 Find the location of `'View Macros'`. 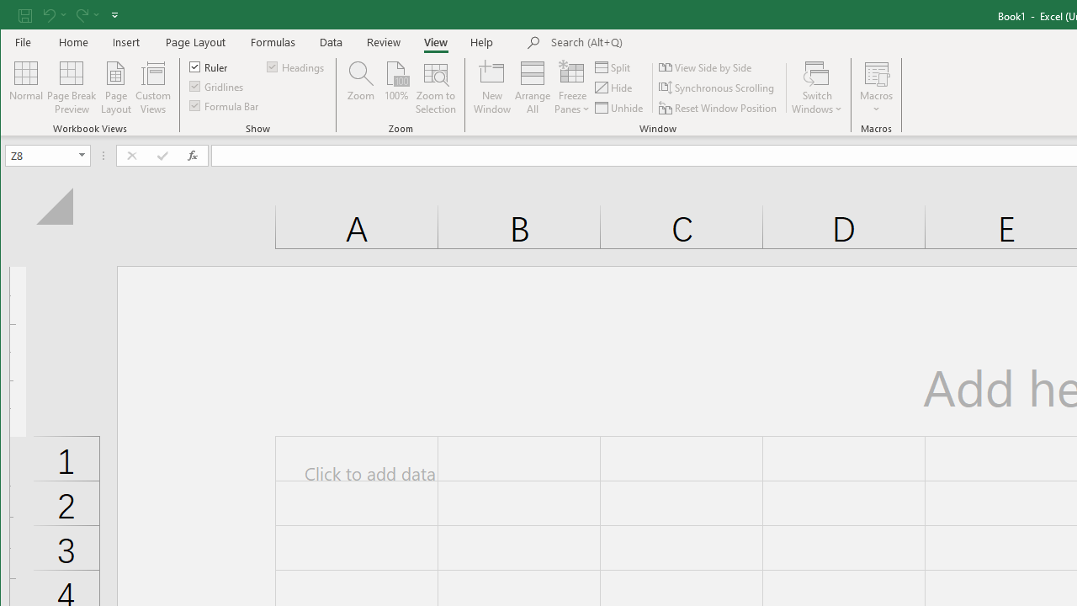

'View Macros' is located at coordinates (875, 72).